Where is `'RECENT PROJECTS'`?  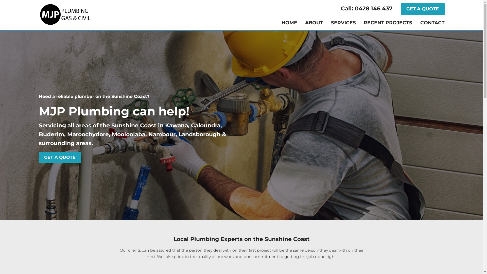 'RECENT PROJECTS' is located at coordinates (388, 23).